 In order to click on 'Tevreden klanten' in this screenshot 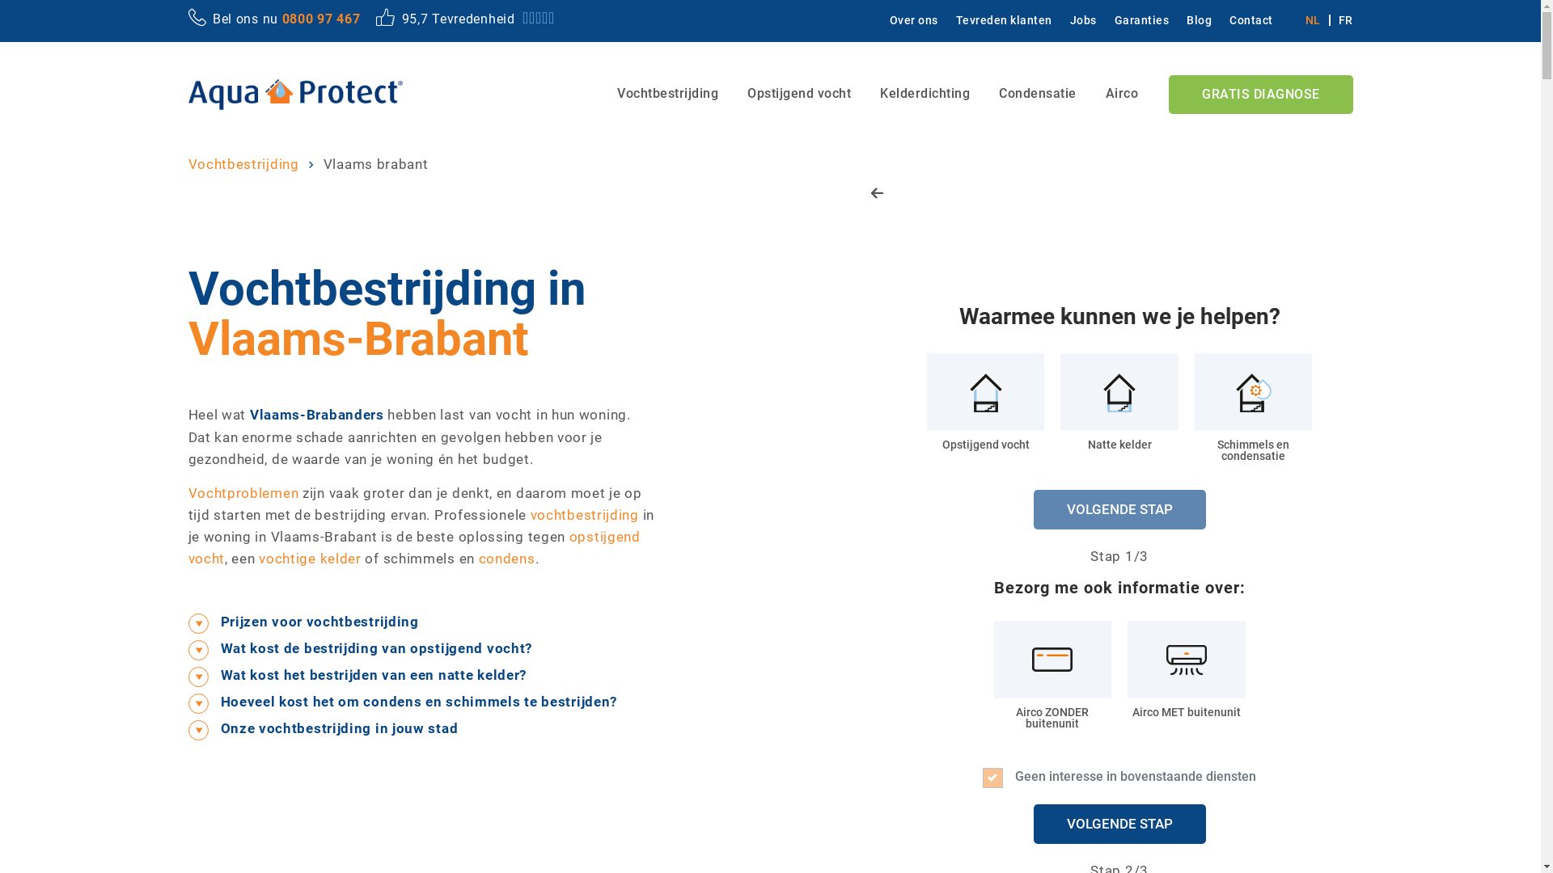, I will do `click(997, 19)`.